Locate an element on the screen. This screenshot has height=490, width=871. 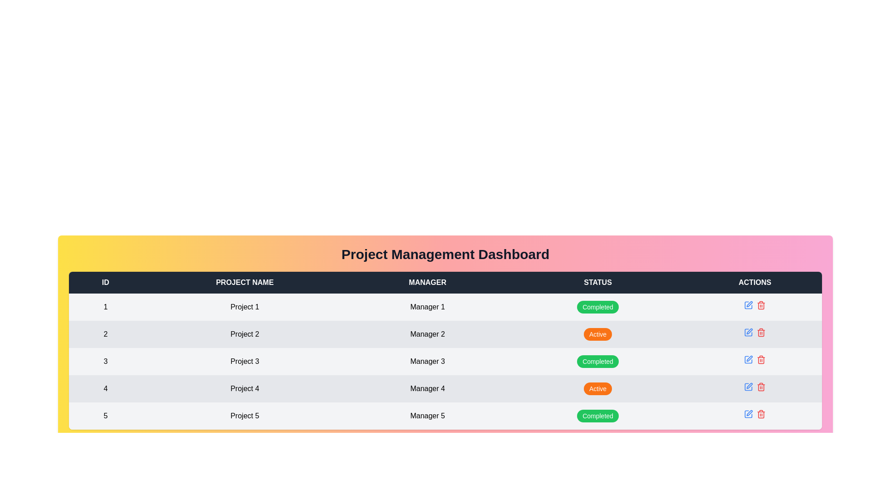
the status indicator label located in the 'Status' column of the first row of the table, which shows the completion state of an associated item is located at coordinates (598, 307).